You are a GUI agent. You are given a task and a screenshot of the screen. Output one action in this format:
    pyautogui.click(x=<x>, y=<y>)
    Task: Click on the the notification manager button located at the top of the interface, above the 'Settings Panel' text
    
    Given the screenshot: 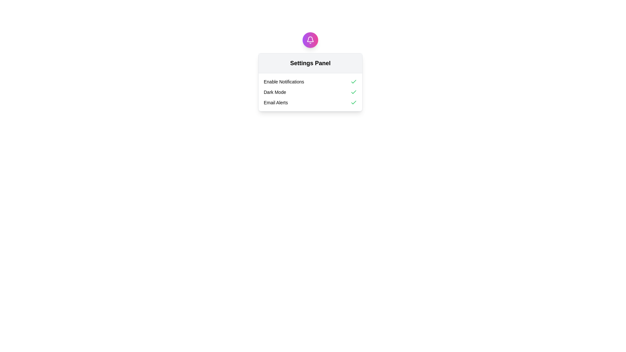 What is the action you would take?
    pyautogui.click(x=310, y=40)
    